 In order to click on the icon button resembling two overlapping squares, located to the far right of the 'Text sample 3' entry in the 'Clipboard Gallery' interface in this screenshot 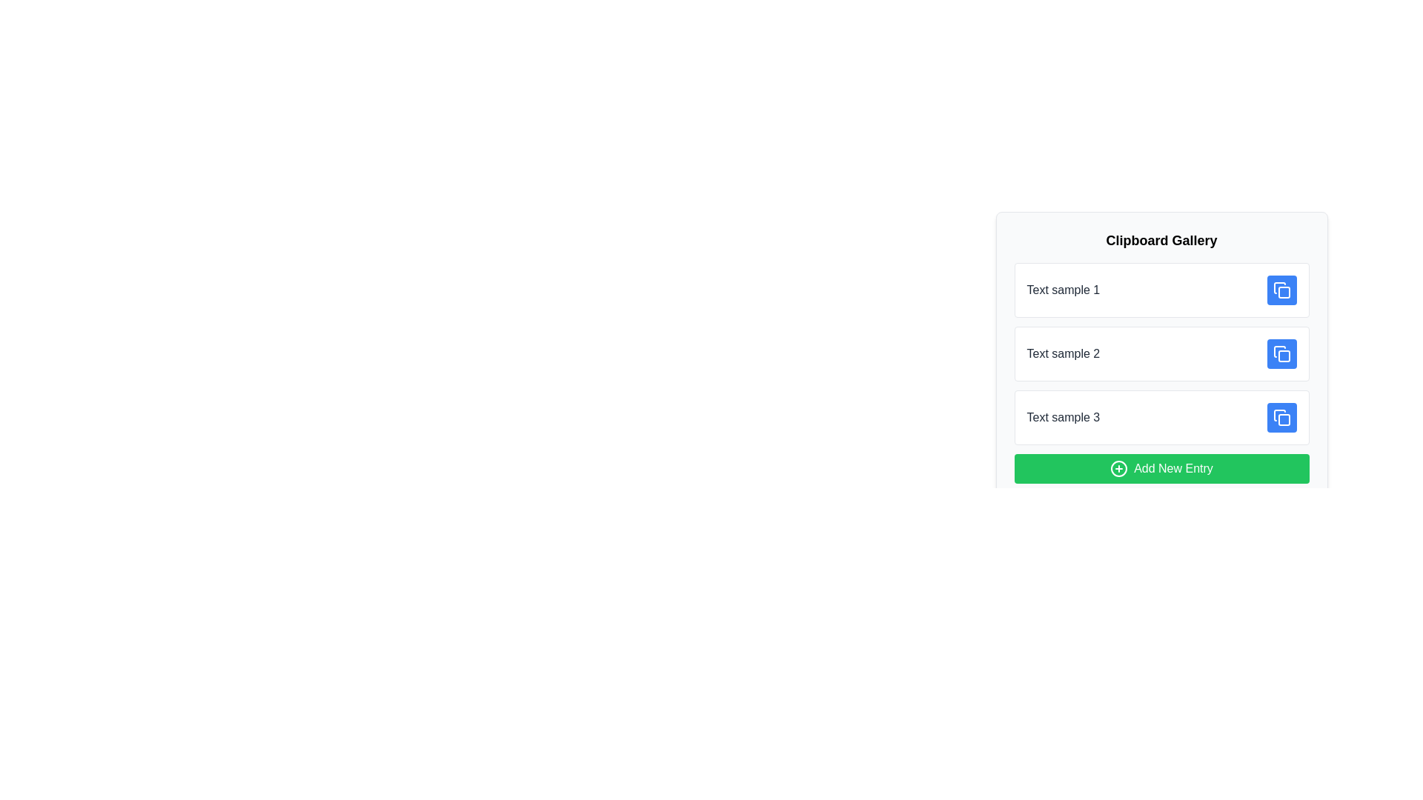, I will do `click(1281, 417)`.